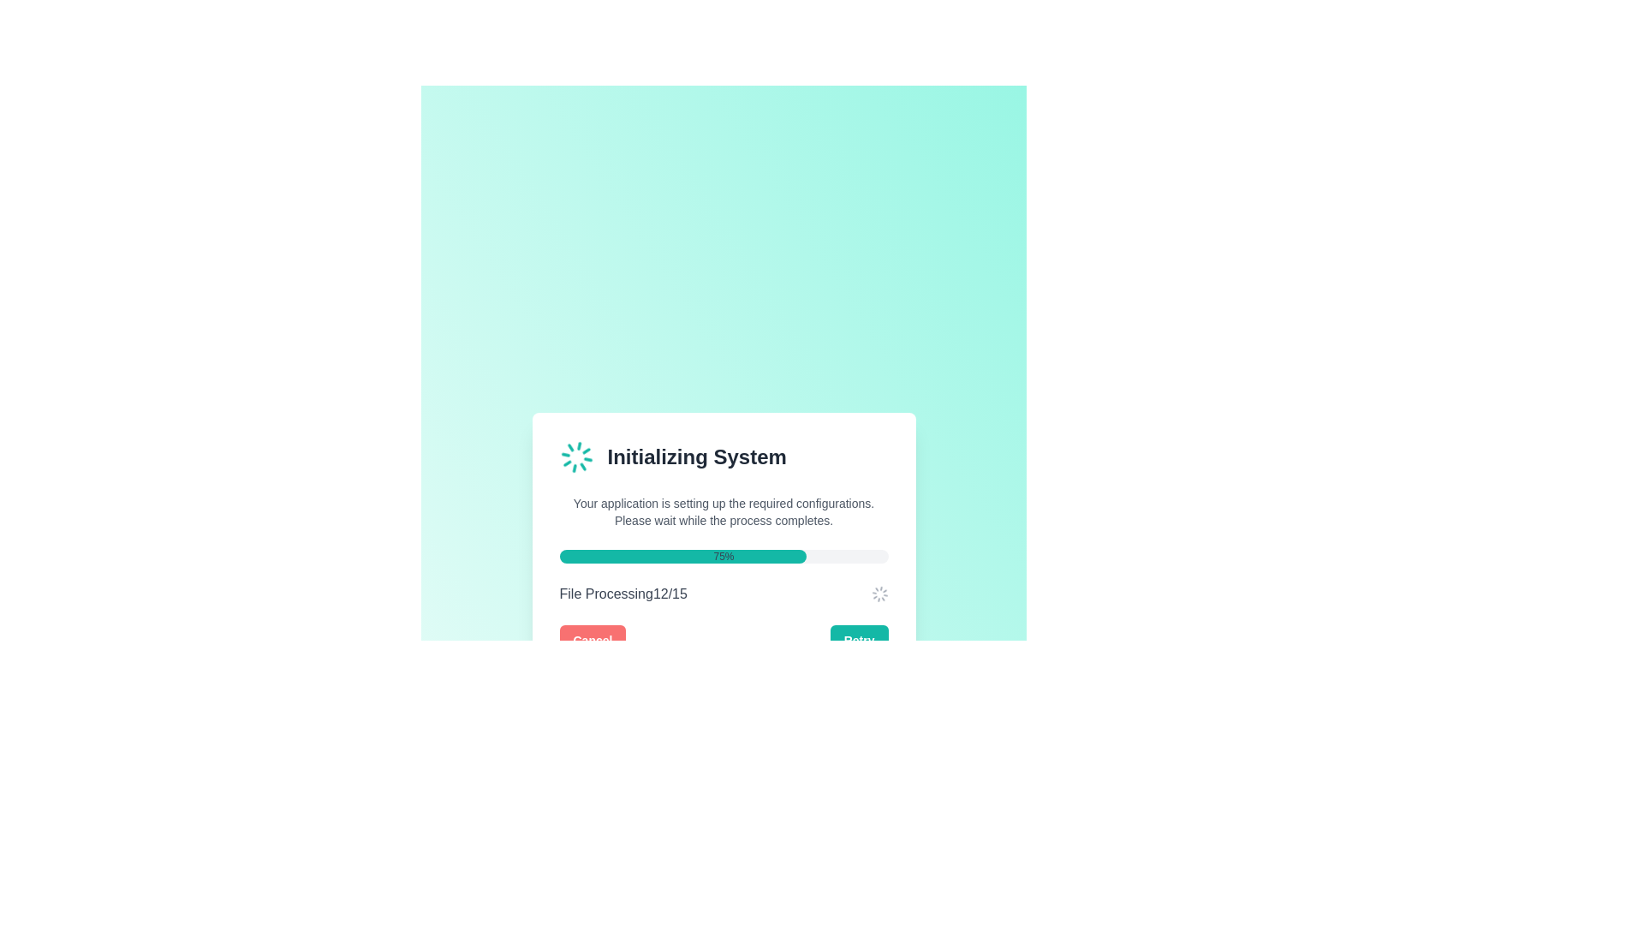  Describe the element at coordinates (593, 641) in the screenshot. I see `the cancel button located at the bottom-left of the dialog box to observe any hover effects` at that location.